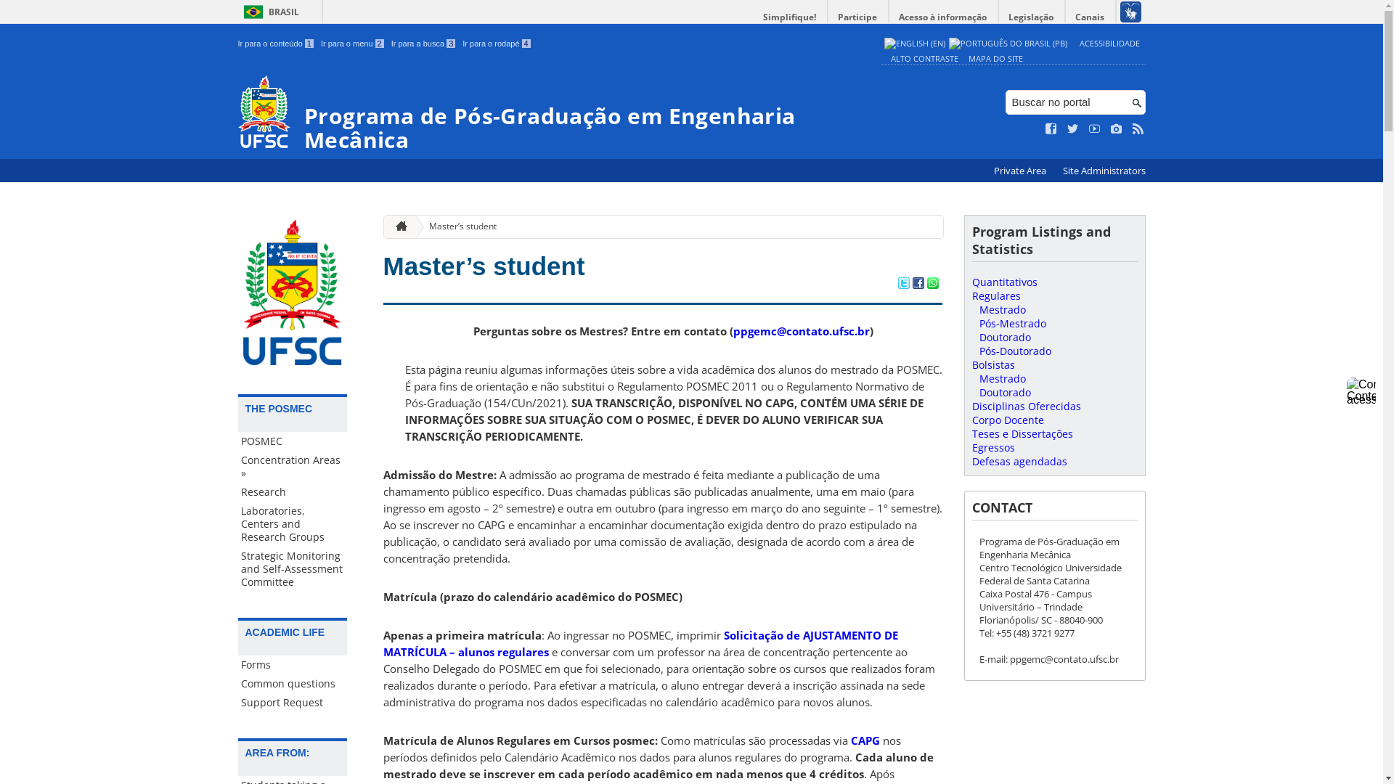  I want to click on 'Simplifique!', so click(789, 17).